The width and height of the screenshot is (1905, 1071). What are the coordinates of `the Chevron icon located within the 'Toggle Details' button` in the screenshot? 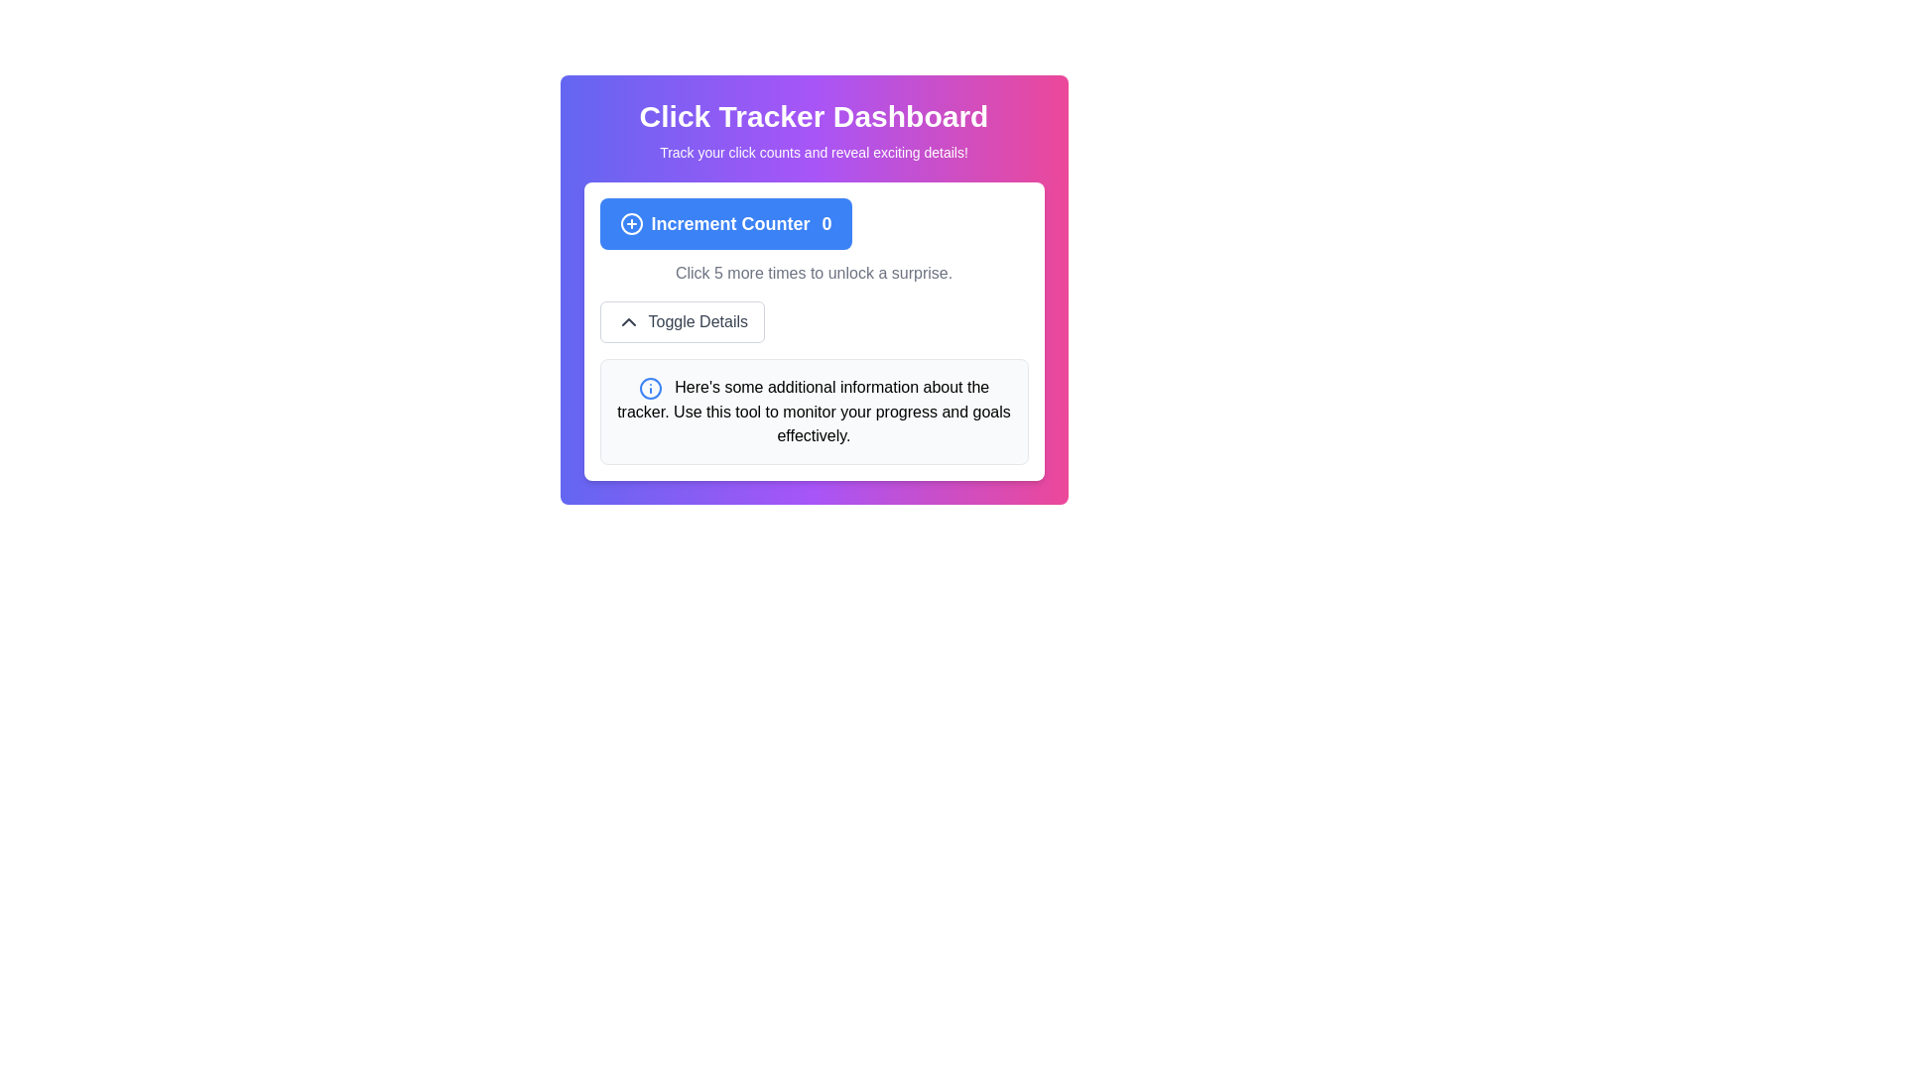 It's located at (627, 320).